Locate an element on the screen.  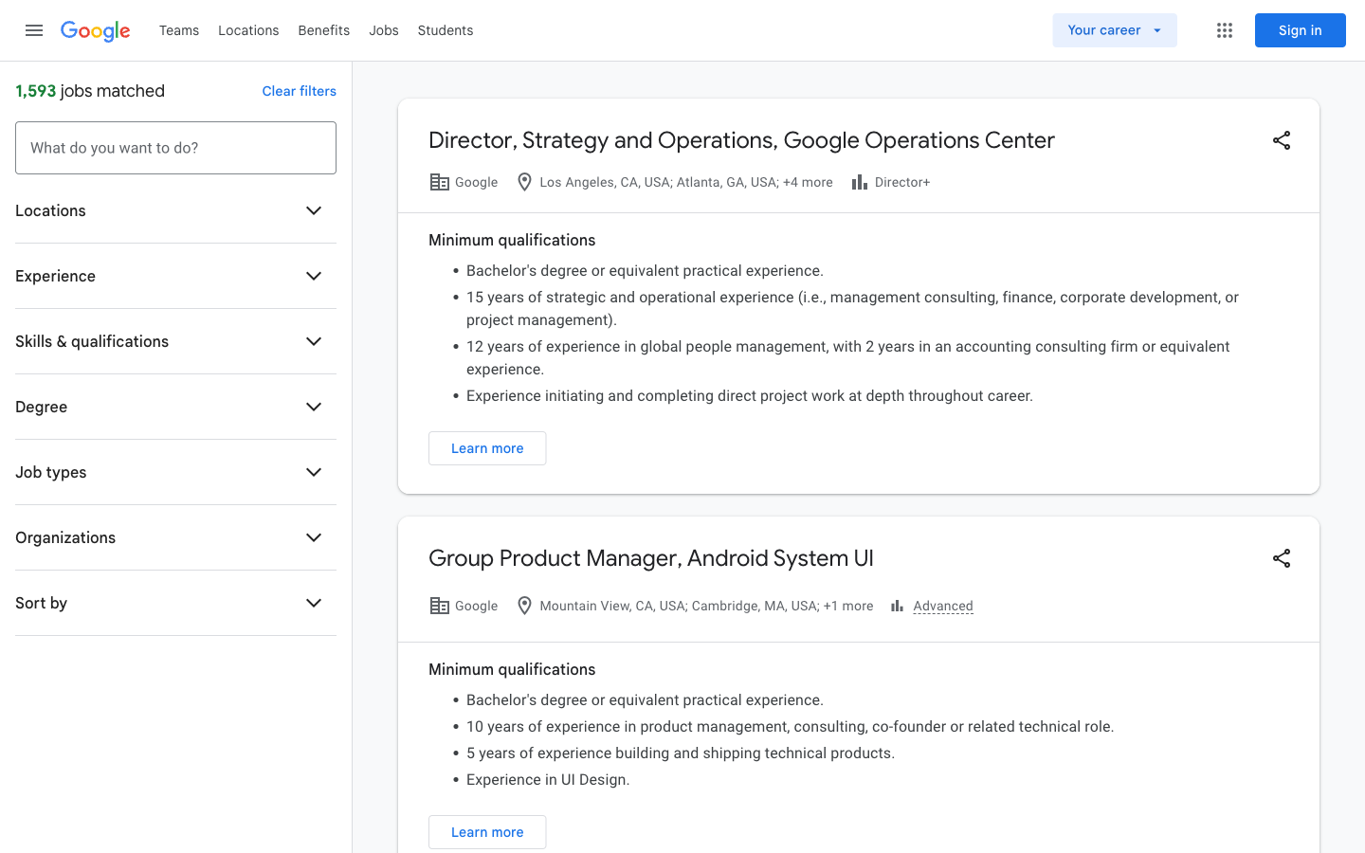
See Sort by options is located at coordinates (314, 603).